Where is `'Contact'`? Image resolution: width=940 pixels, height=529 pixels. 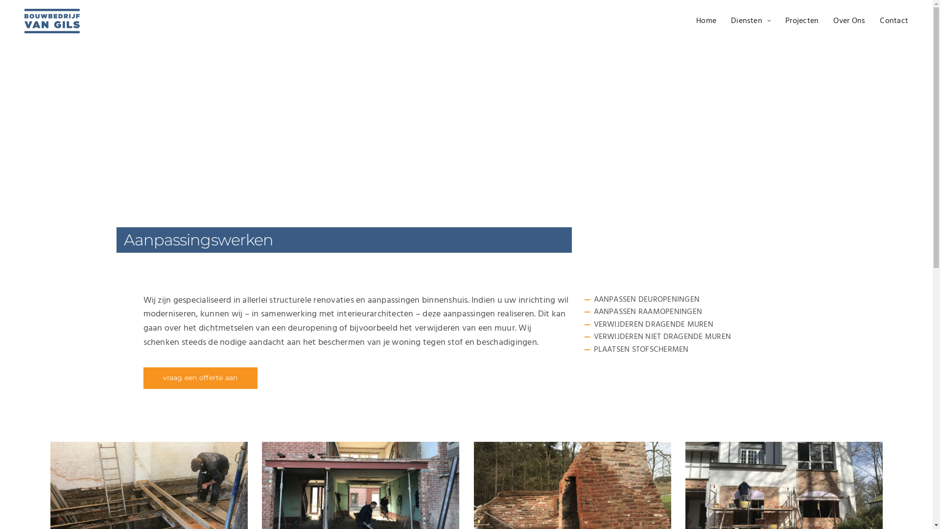 'Contact' is located at coordinates (893, 21).